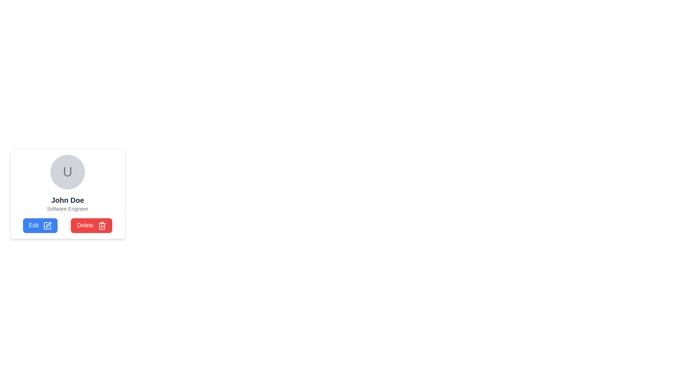 This screenshot has width=691, height=389. What do you see at coordinates (40, 225) in the screenshot?
I see `the blue 'Edit' button with white text and a pen icon located at the bottom left of the user details card` at bounding box center [40, 225].